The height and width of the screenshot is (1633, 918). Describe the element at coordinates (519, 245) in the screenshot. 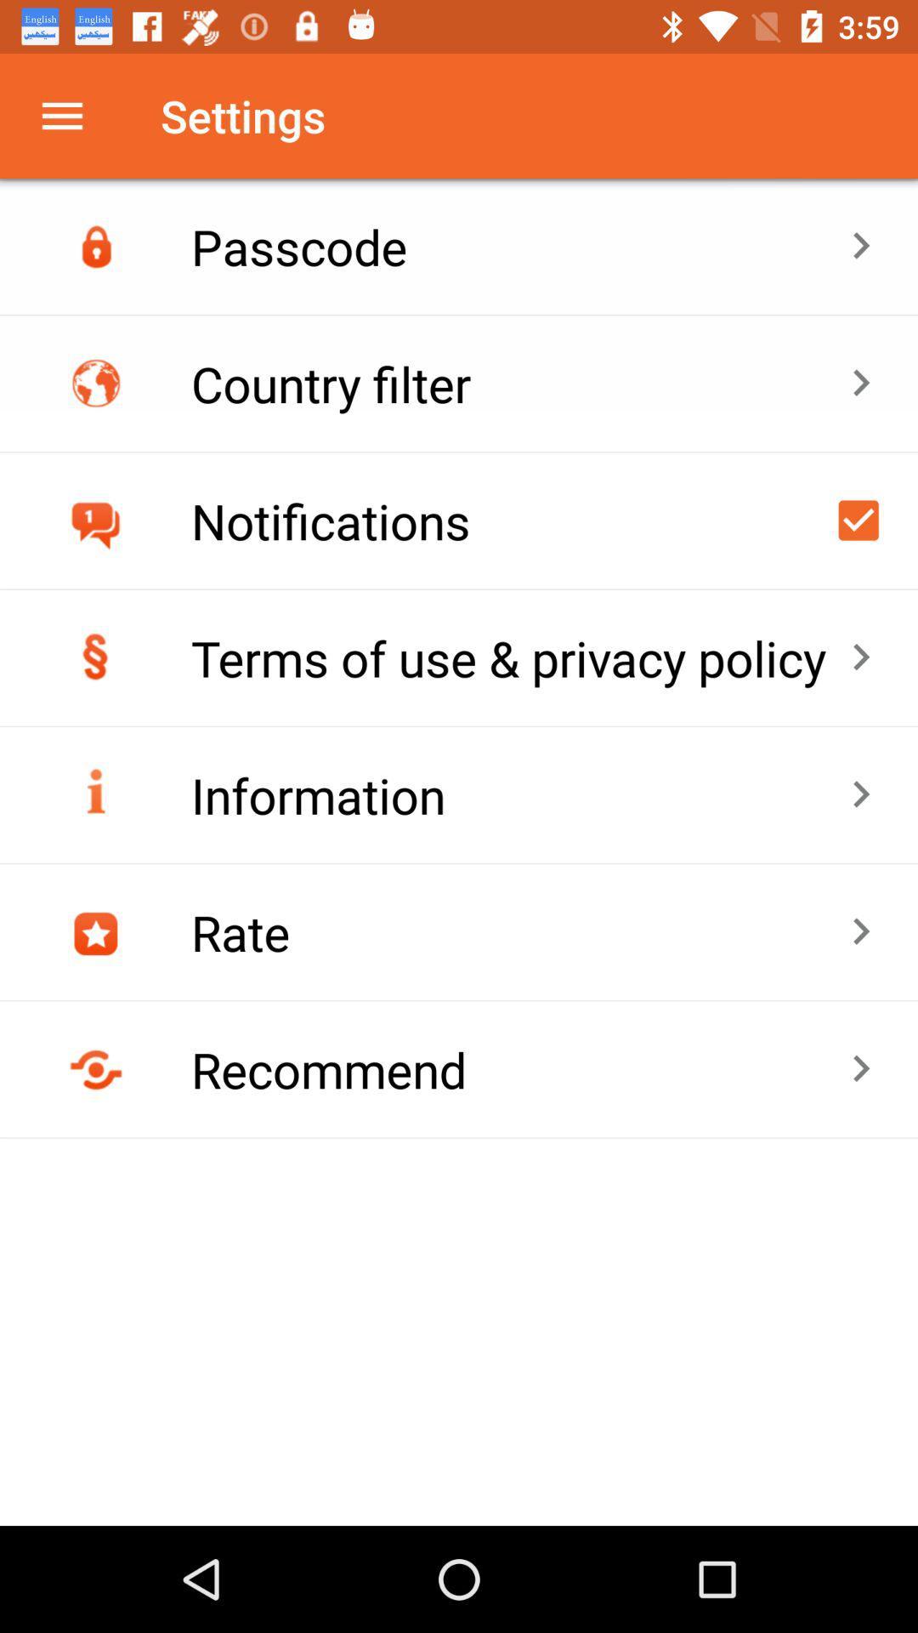

I see `the icon below settings item` at that location.